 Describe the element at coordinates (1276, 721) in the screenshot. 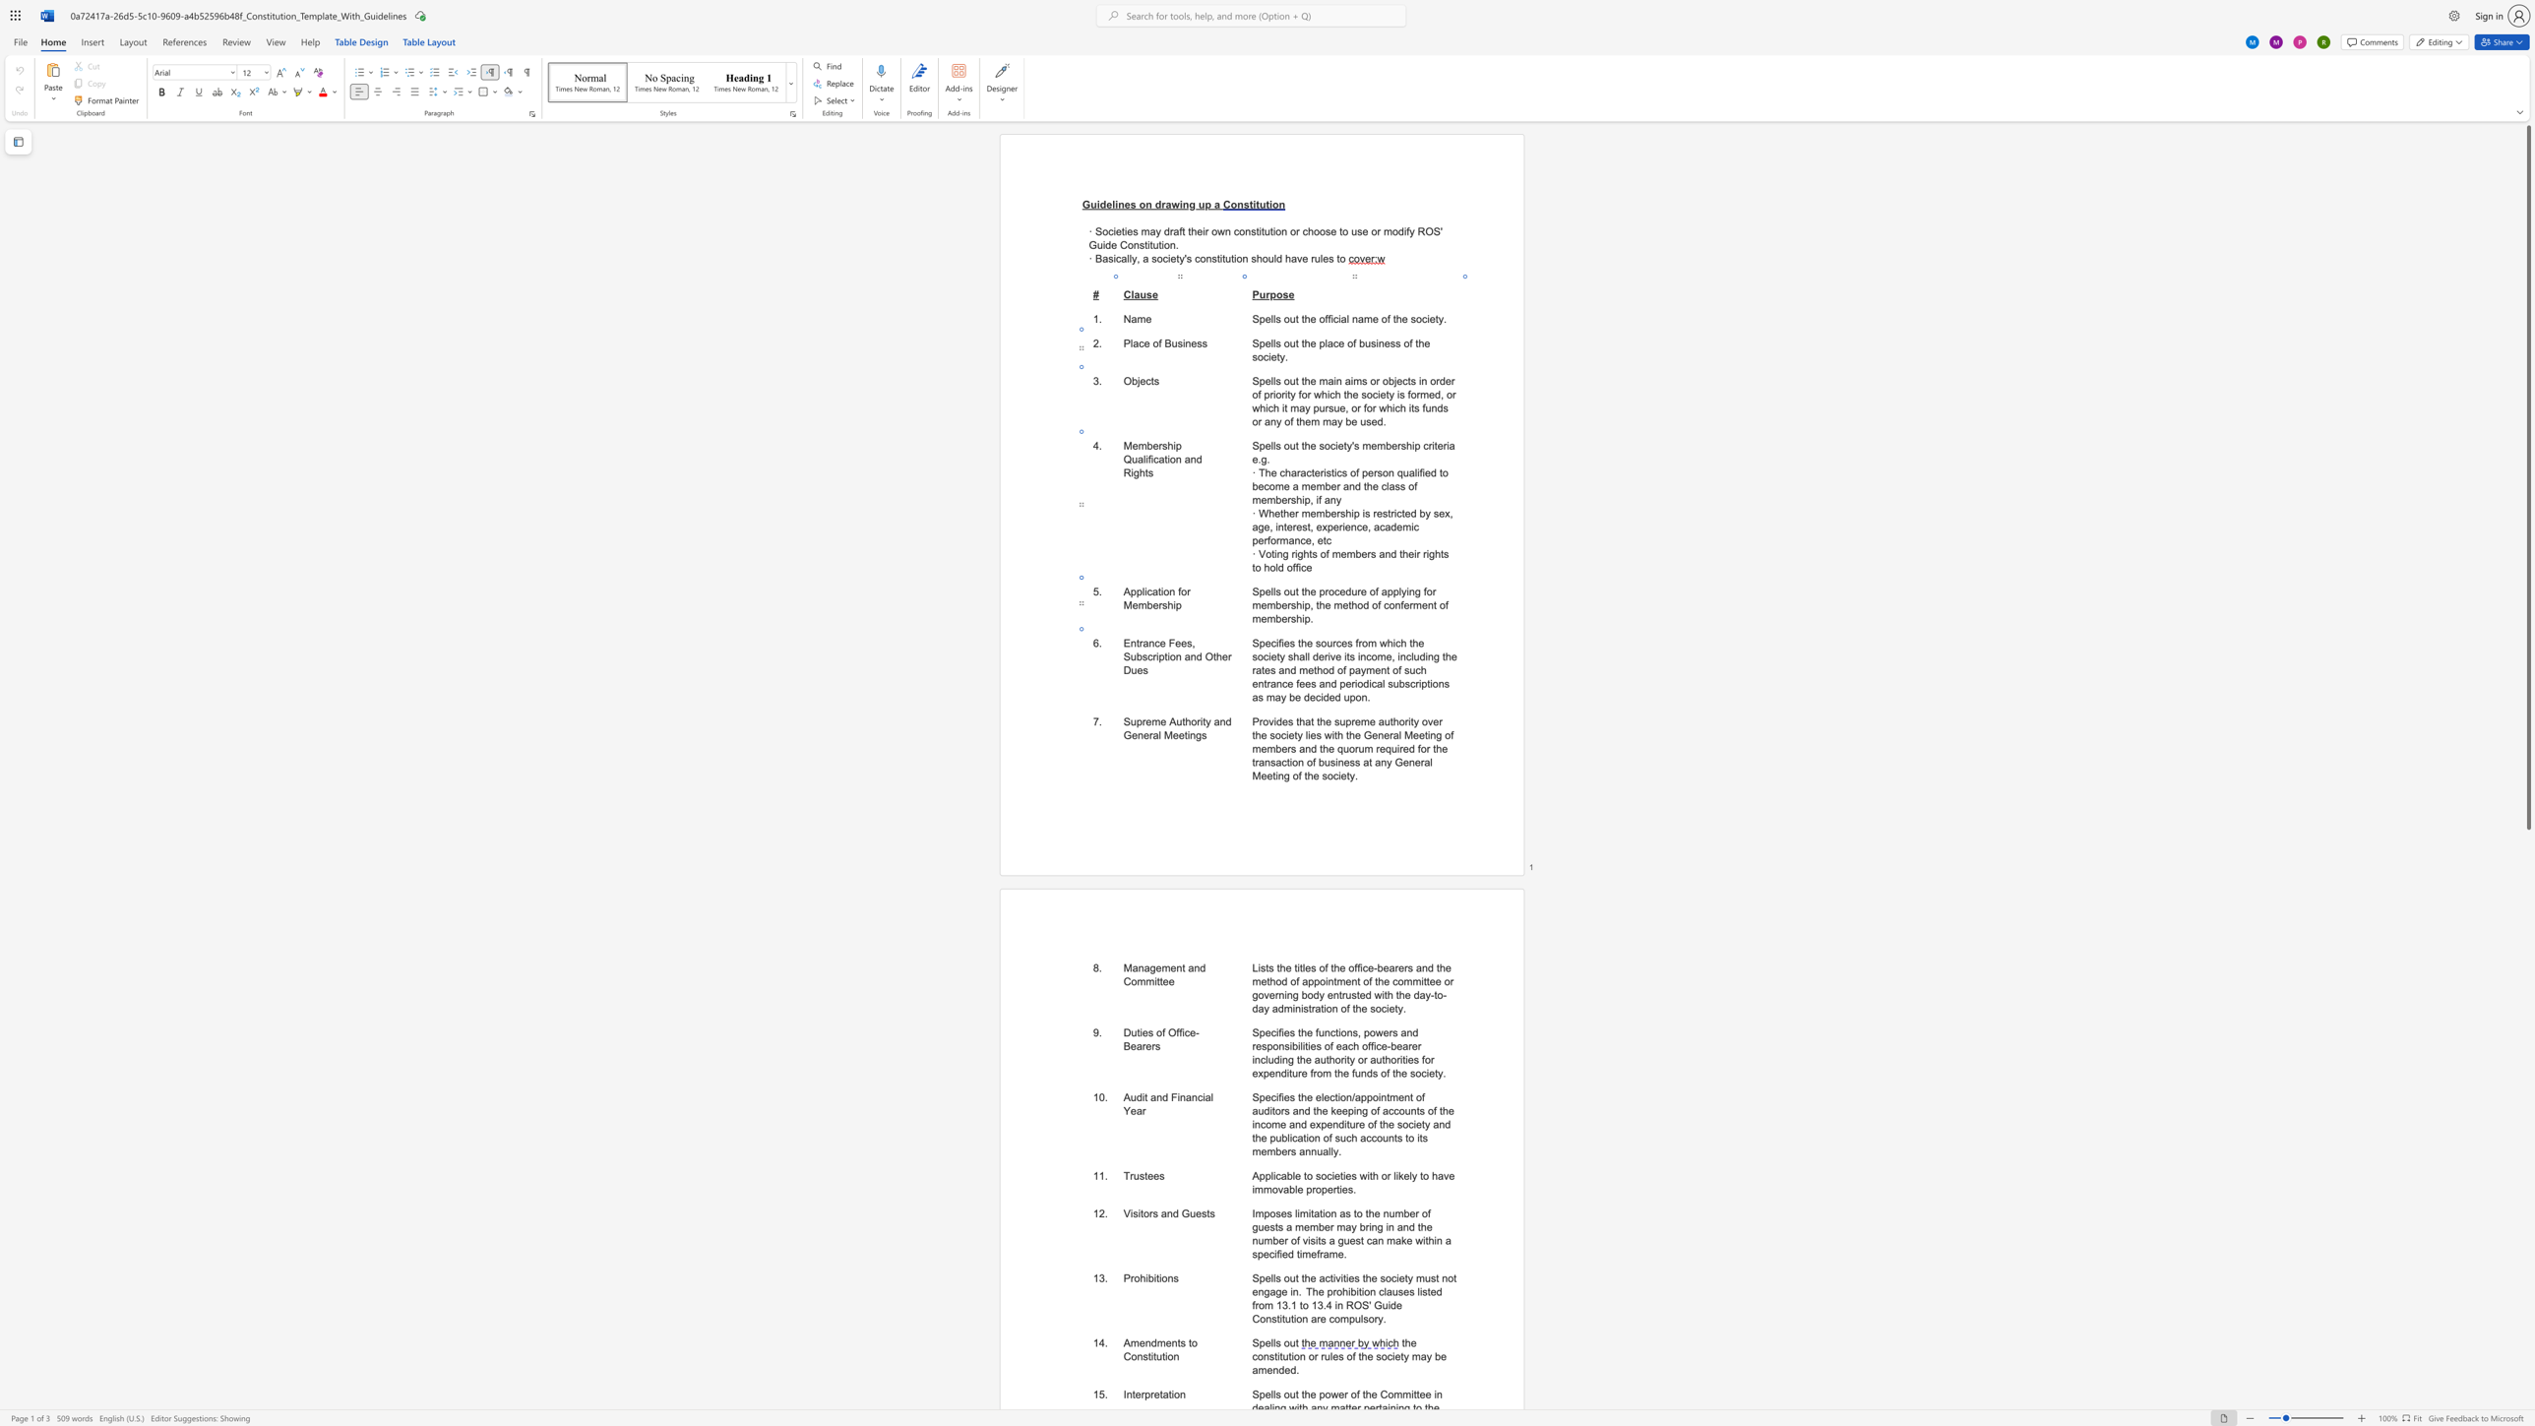

I see `the space between the continuous character "i" and "d" in the text` at that location.